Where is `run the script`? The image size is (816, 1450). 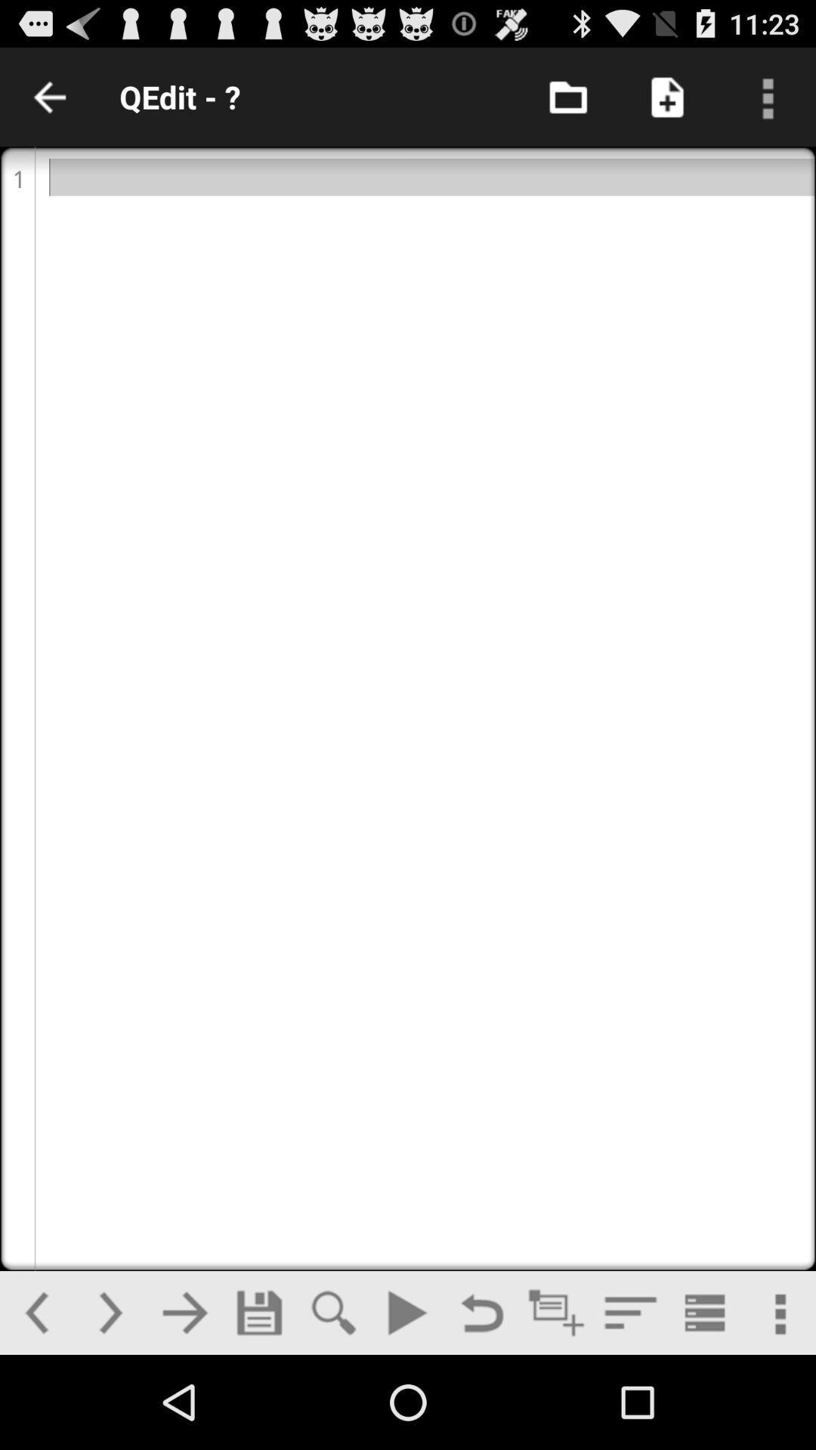
run the script is located at coordinates (406, 1312).